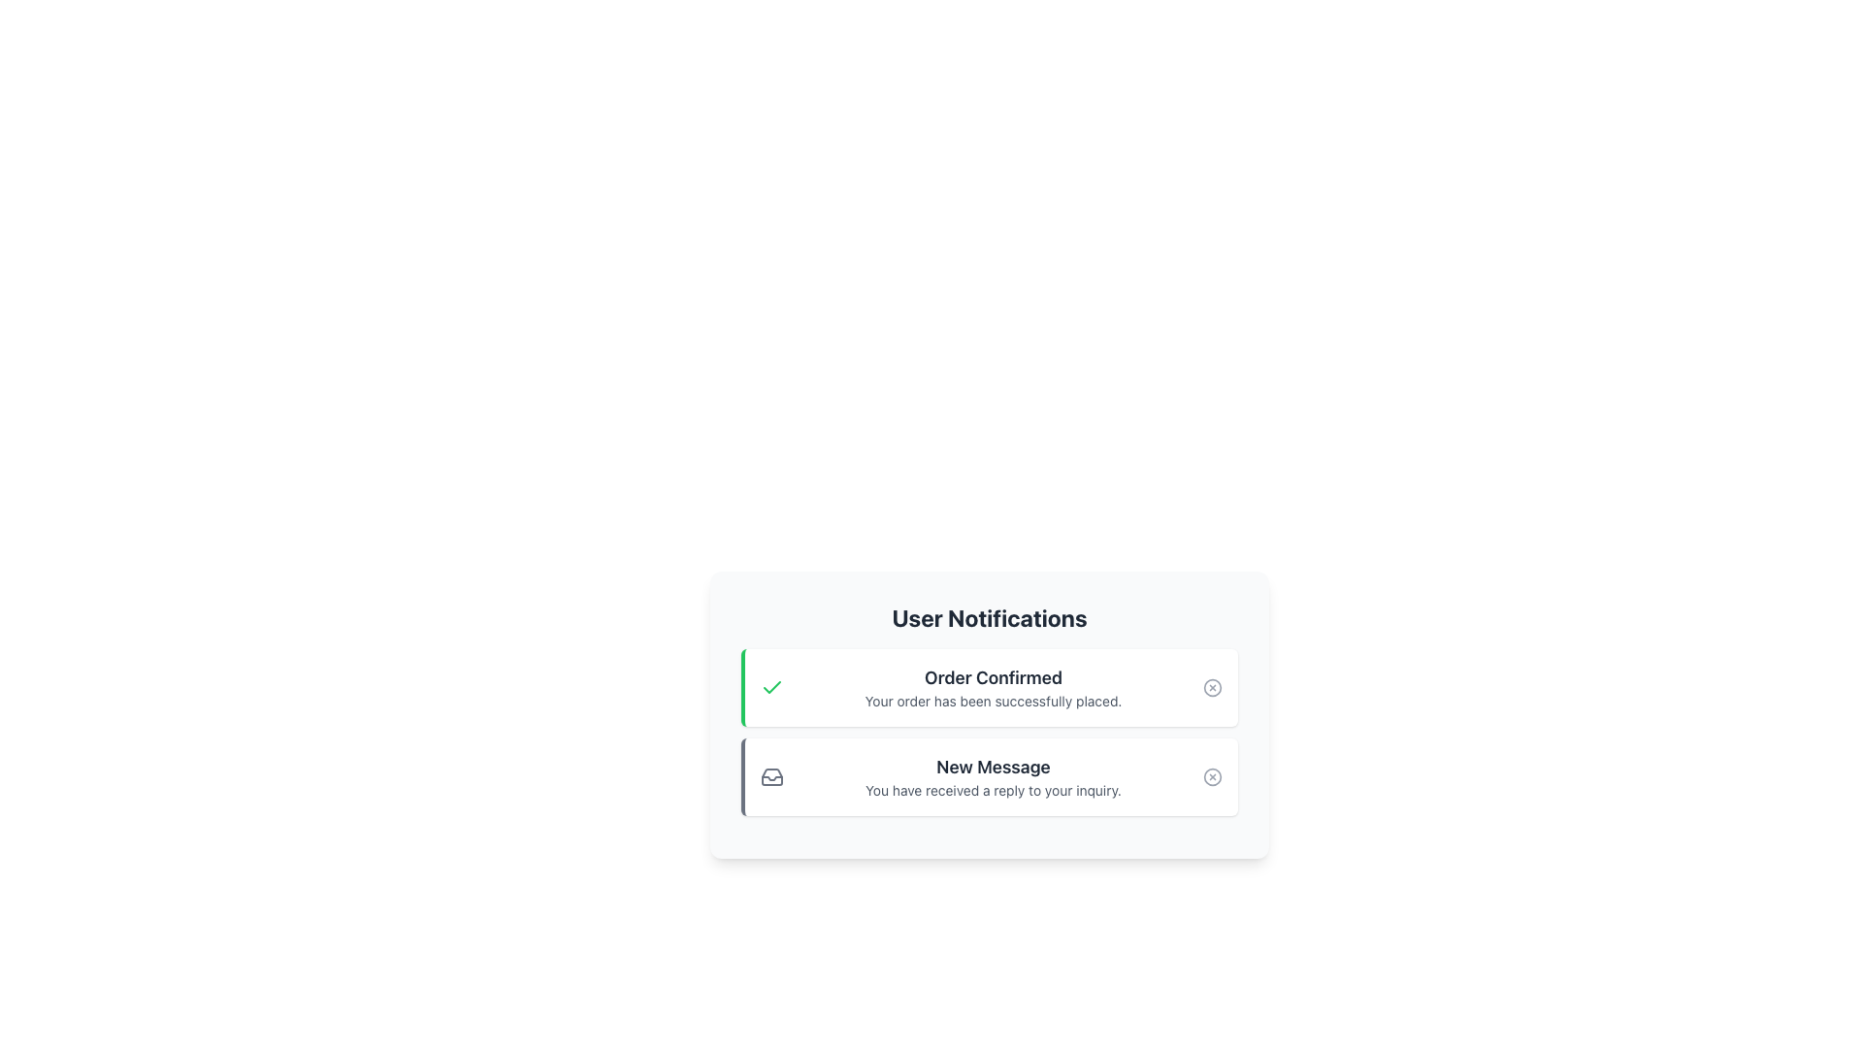 Image resolution: width=1863 pixels, height=1048 pixels. What do you see at coordinates (771, 686) in the screenshot?
I see `the success confirmation icon located in the top notification card, adjacent to the text 'Order Confirmed'` at bounding box center [771, 686].